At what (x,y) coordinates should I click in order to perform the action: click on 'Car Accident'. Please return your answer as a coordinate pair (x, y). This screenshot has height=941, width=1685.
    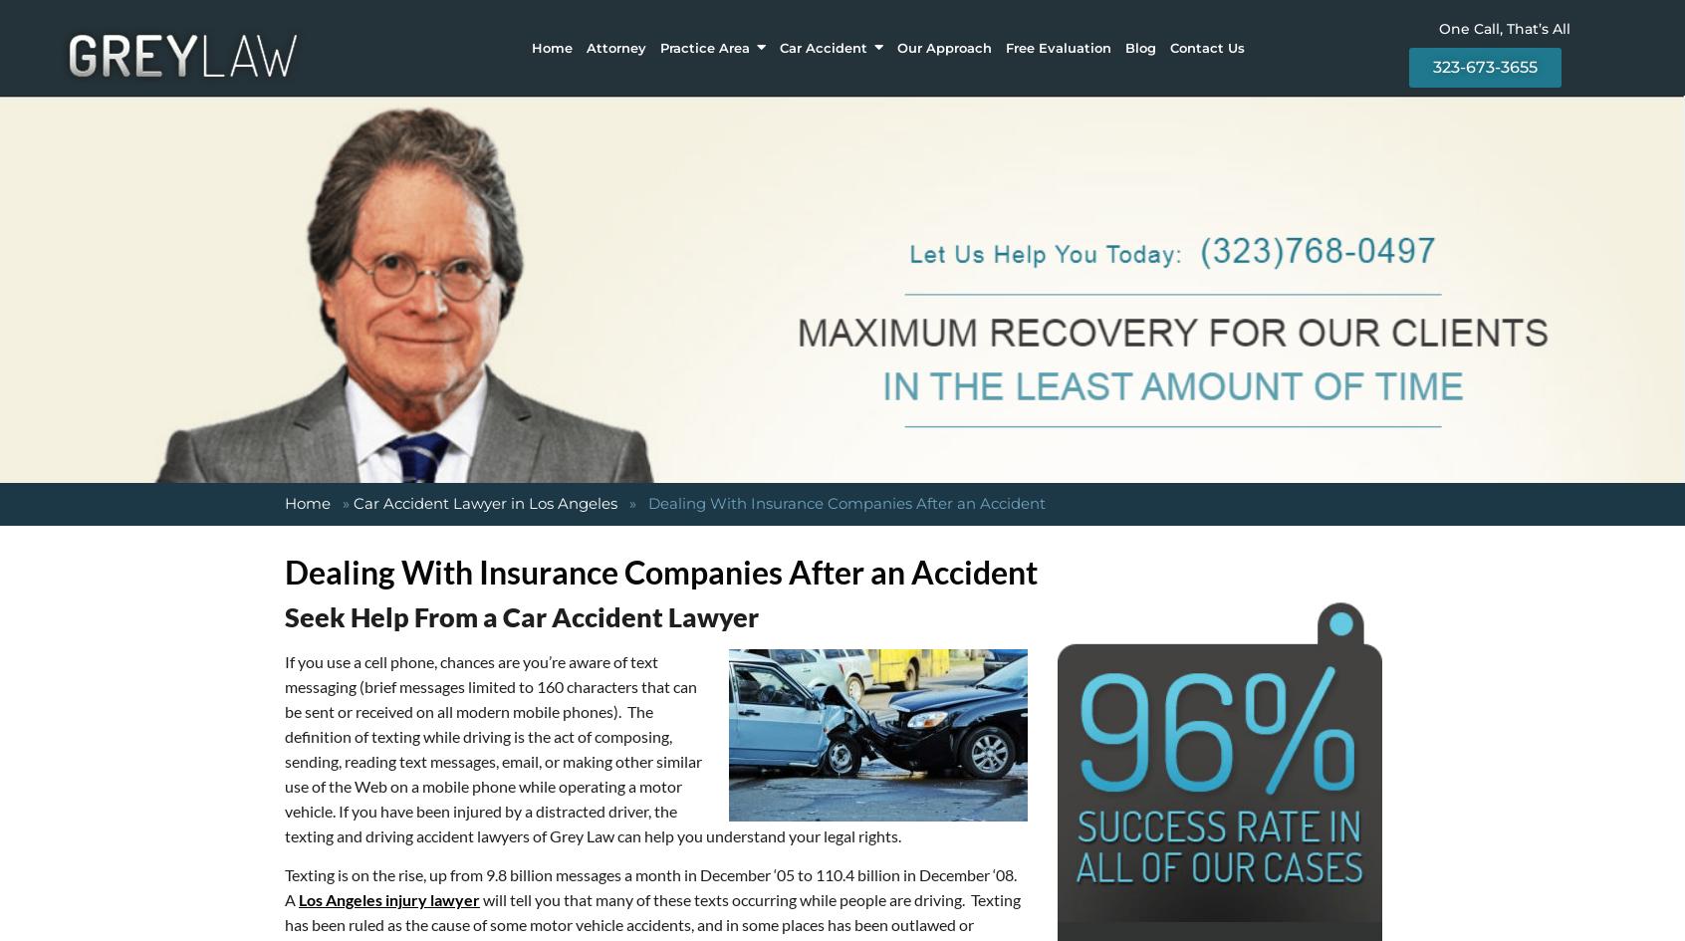
    Looking at the image, I should click on (823, 46).